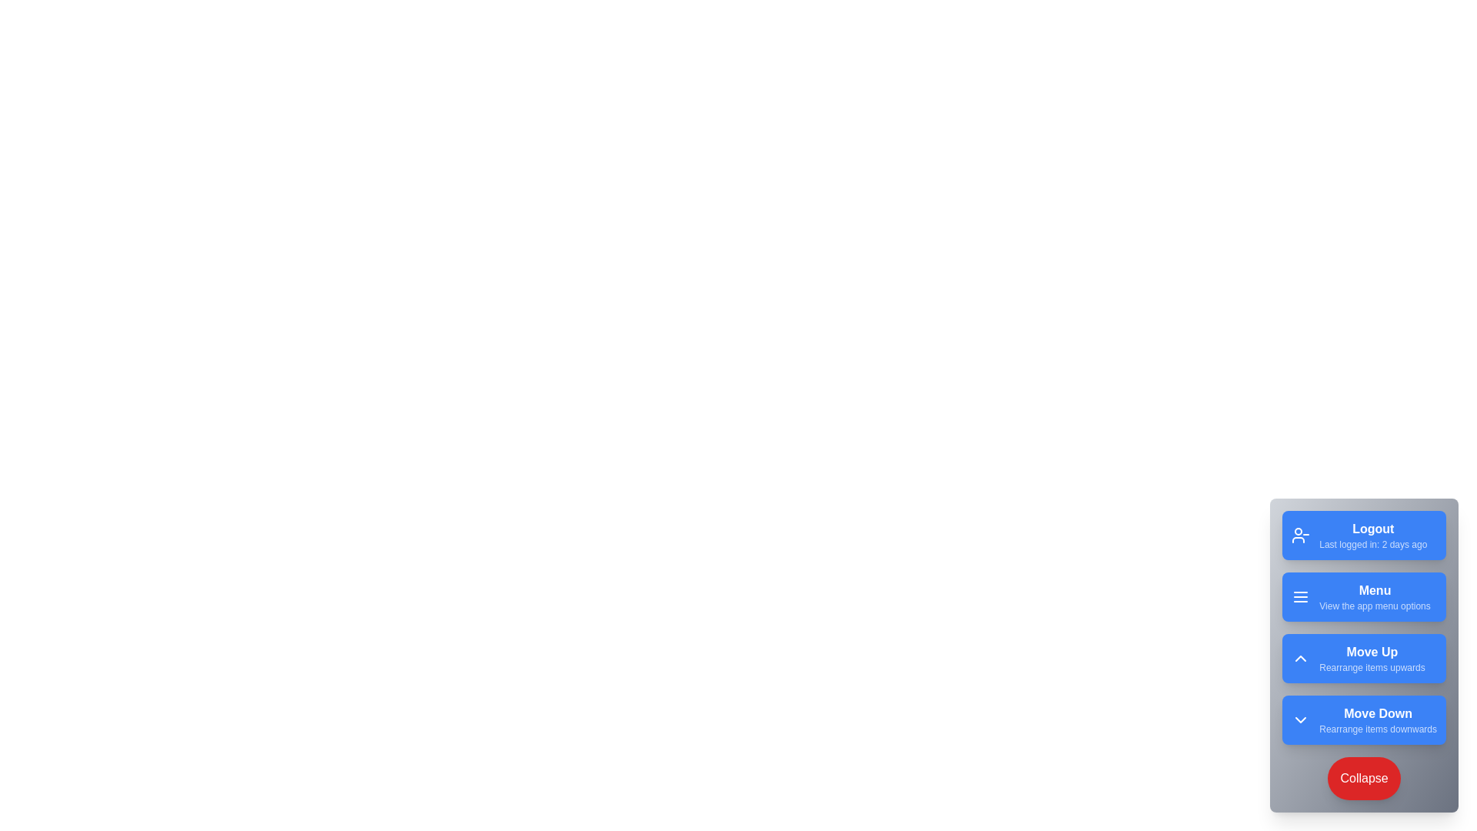 This screenshot has height=831, width=1477. Describe the element at coordinates (1372, 658) in the screenshot. I see `the button located in the sidebar menu, which is the third interactive component from the top` at that location.